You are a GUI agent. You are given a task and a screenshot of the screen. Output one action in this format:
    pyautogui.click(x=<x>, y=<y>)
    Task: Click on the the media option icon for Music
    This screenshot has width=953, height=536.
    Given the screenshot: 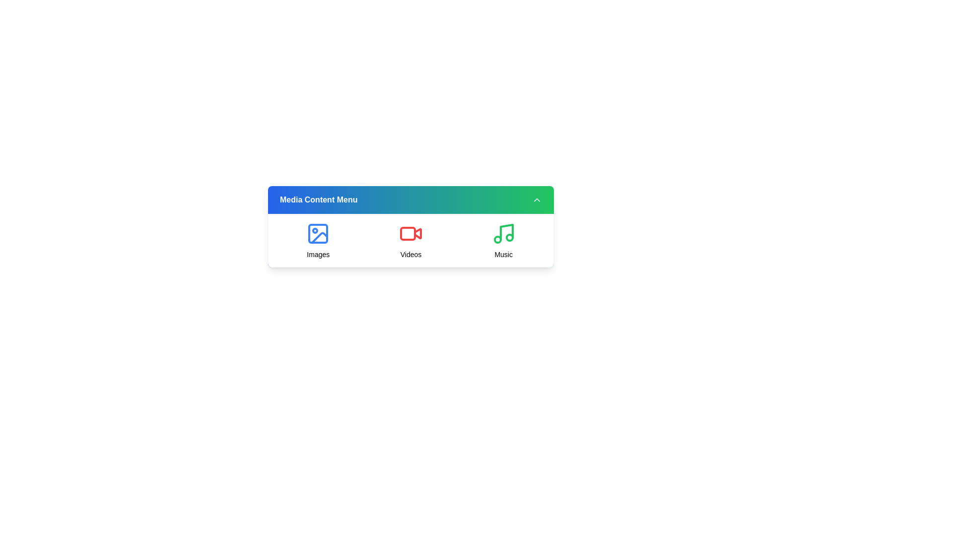 What is the action you would take?
    pyautogui.click(x=503, y=241)
    